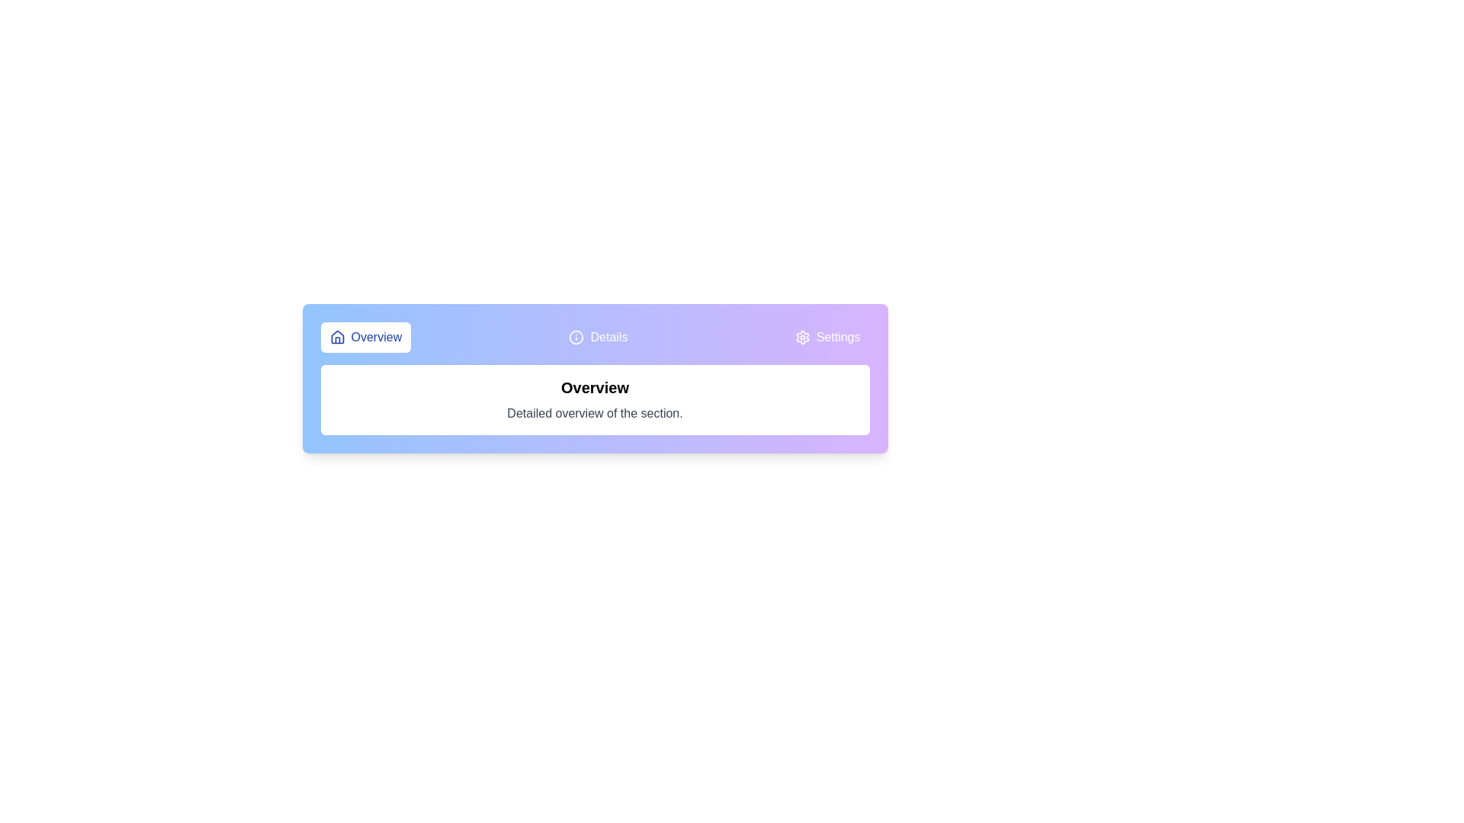 Image resolution: width=1464 pixels, height=823 pixels. I want to click on the 'Overview' navigation button located in the horizontal navigation bar to trigger visual feedback, so click(364, 337).